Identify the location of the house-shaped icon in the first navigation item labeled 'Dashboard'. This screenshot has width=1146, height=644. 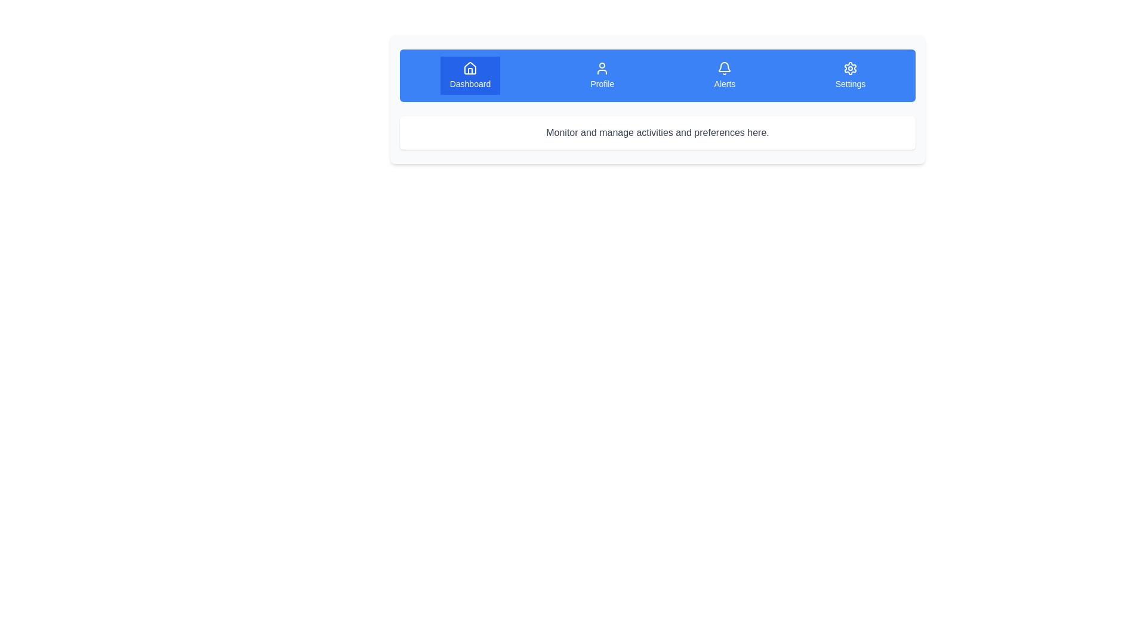
(469, 68).